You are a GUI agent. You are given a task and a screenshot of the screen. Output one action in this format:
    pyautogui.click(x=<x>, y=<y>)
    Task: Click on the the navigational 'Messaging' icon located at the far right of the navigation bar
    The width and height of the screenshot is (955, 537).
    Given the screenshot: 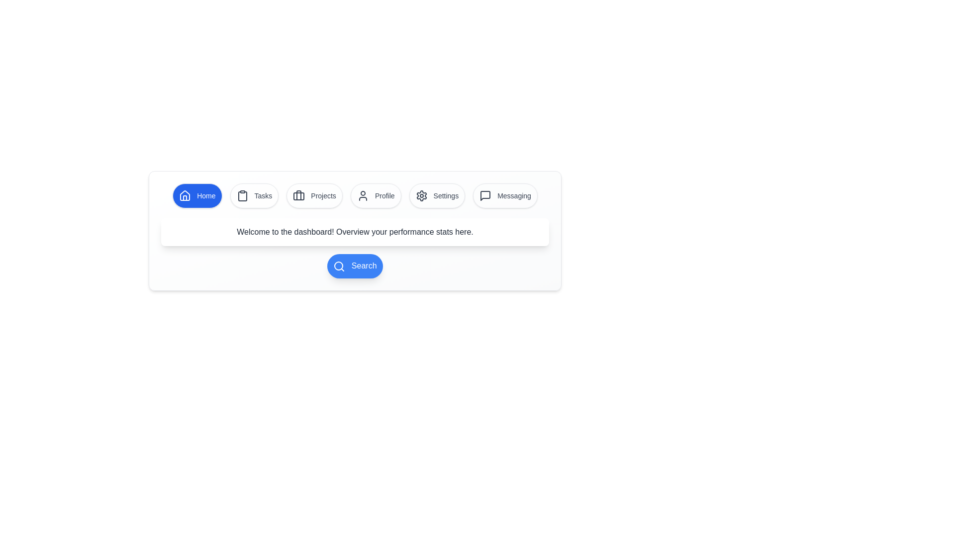 What is the action you would take?
    pyautogui.click(x=485, y=195)
    